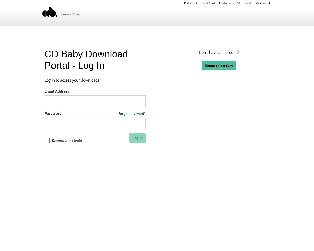 The image size is (314, 251). What do you see at coordinates (59, 14) in the screenshot?
I see `'Download Portal'` at bounding box center [59, 14].